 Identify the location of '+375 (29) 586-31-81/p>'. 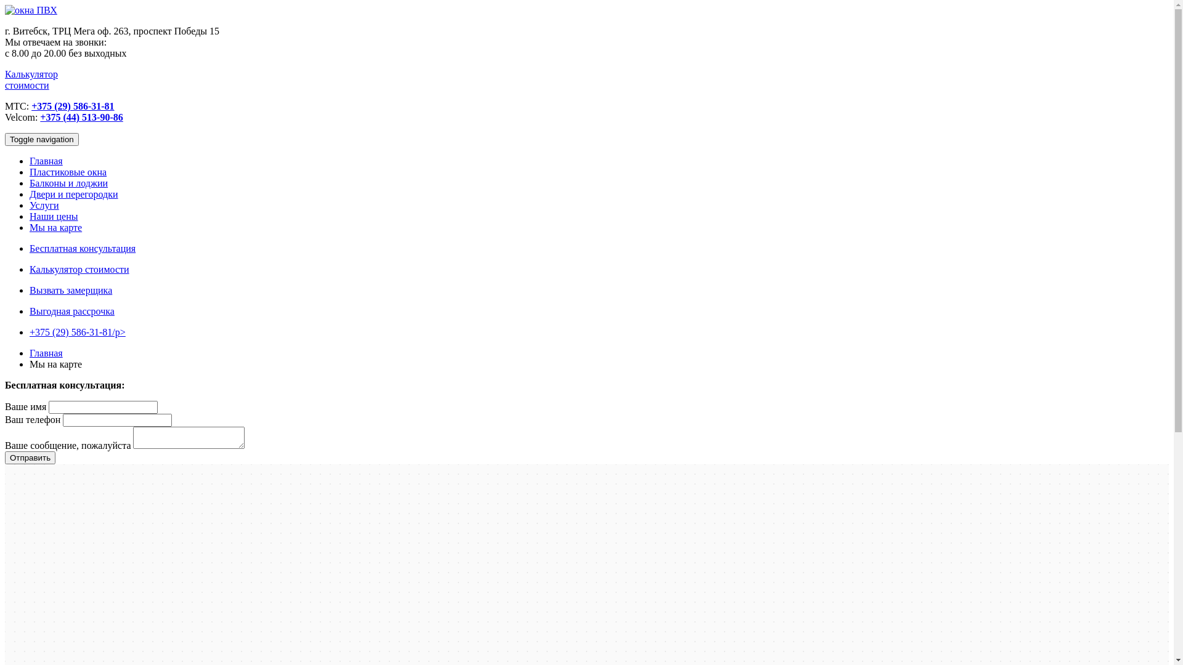
(76, 331).